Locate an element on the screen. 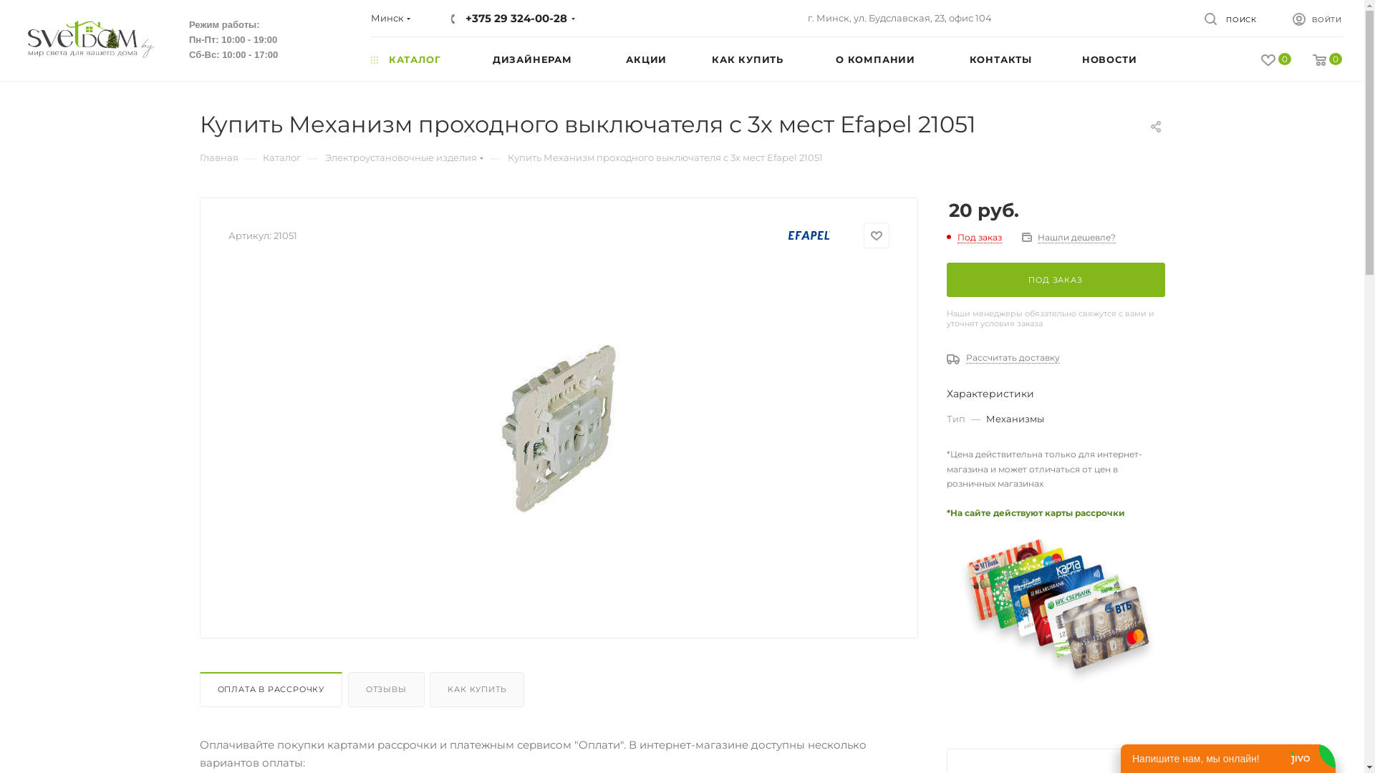 This screenshot has width=1375, height=773. '0' is located at coordinates (1265, 59).